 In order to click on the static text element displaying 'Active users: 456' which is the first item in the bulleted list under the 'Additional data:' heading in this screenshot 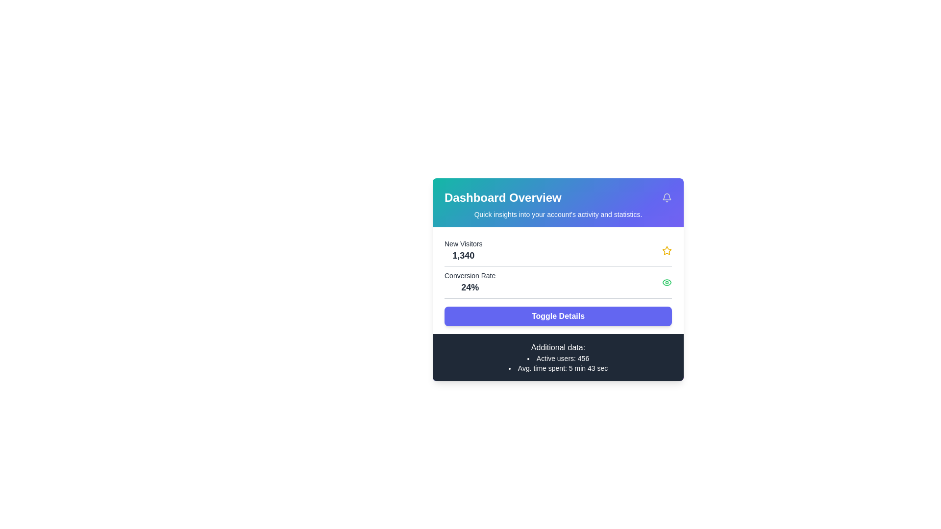, I will do `click(558, 359)`.